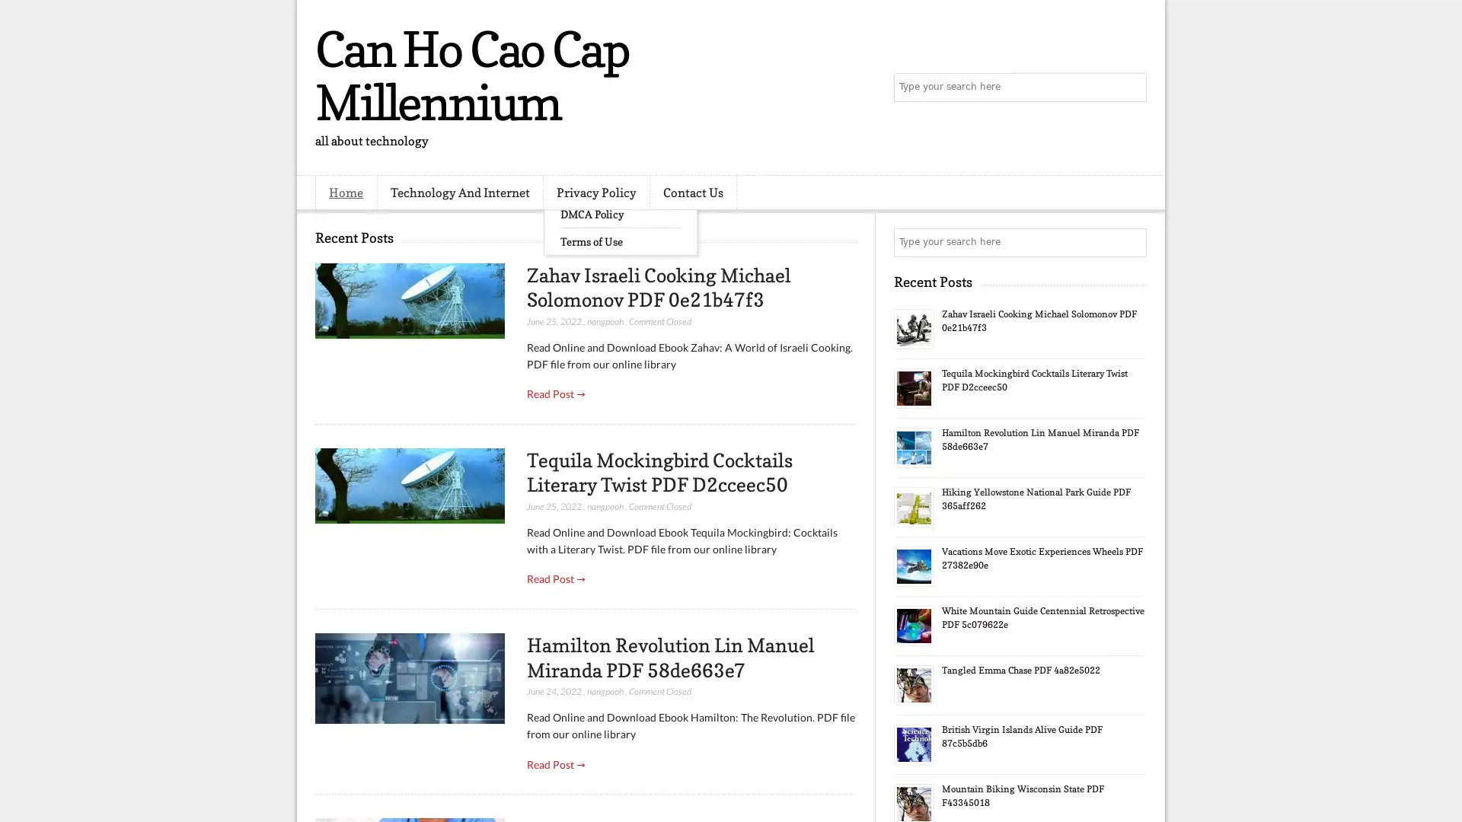 The width and height of the screenshot is (1462, 822). I want to click on Search, so click(1131, 242).